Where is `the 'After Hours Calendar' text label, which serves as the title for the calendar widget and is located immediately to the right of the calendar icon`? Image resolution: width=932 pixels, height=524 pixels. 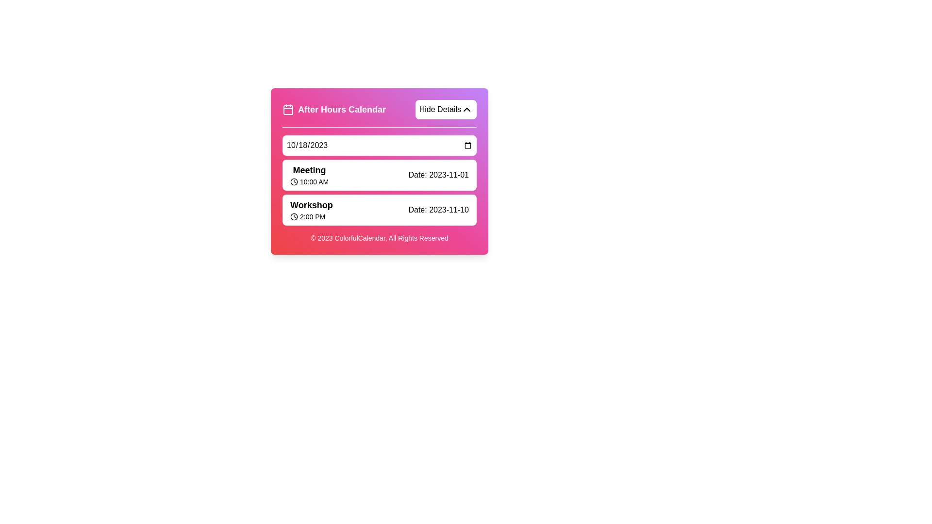
the 'After Hours Calendar' text label, which serves as the title for the calendar widget and is located immediately to the right of the calendar icon is located at coordinates (342, 109).